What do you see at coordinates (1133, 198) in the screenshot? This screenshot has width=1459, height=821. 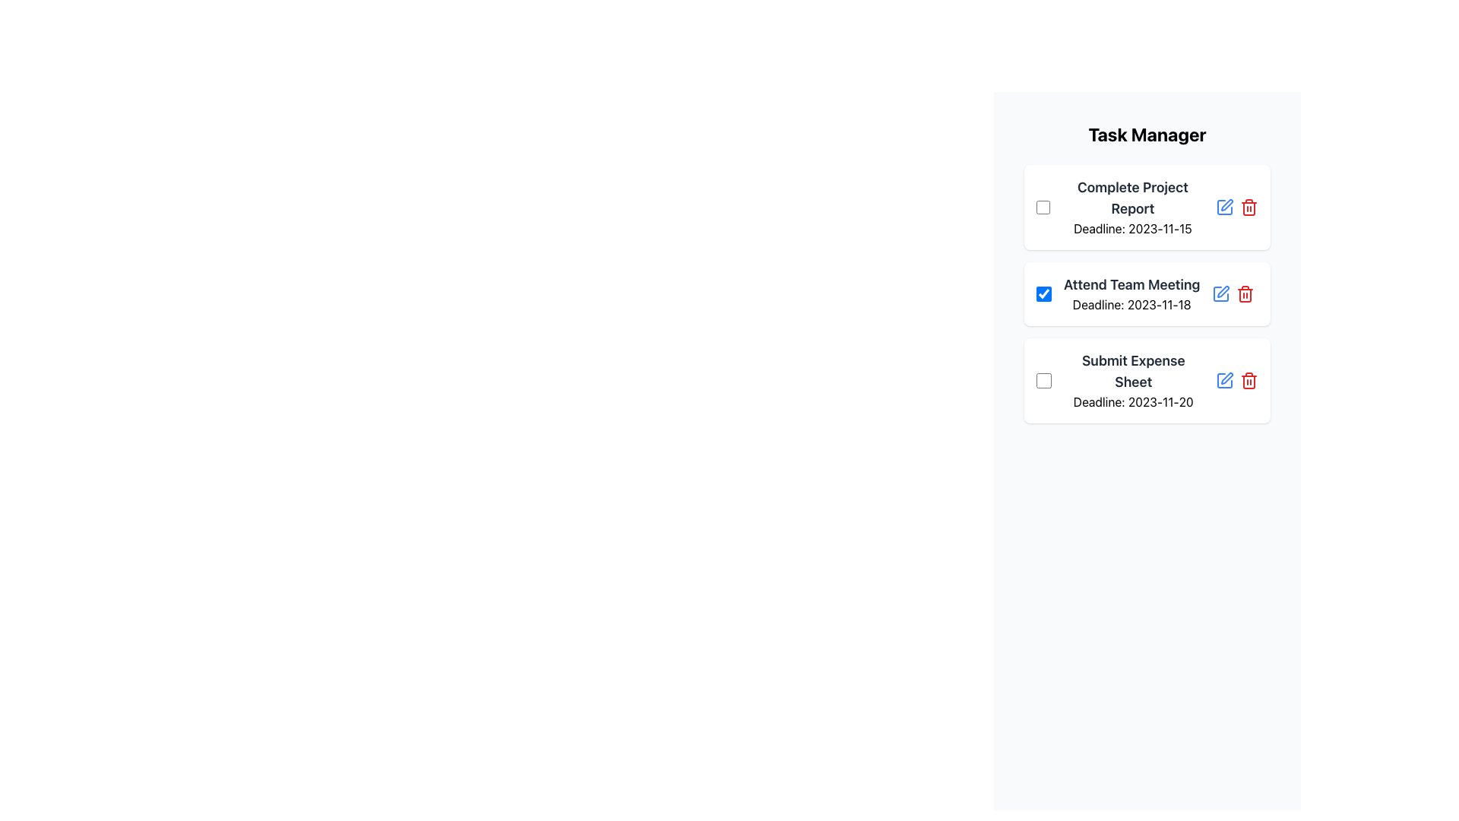 I see `the bold, large-sized text label reading 'Complete Project Report' located at the top section of the 'Task Manager' panel, which indicates its importance as the first item in the task list` at bounding box center [1133, 198].